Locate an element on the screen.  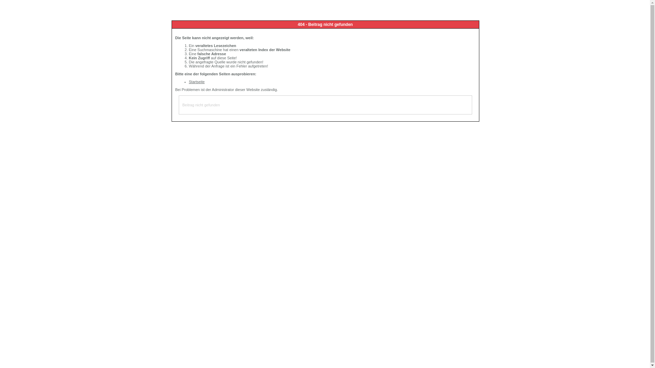
'Startseite' is located at coordinates (196, 81).